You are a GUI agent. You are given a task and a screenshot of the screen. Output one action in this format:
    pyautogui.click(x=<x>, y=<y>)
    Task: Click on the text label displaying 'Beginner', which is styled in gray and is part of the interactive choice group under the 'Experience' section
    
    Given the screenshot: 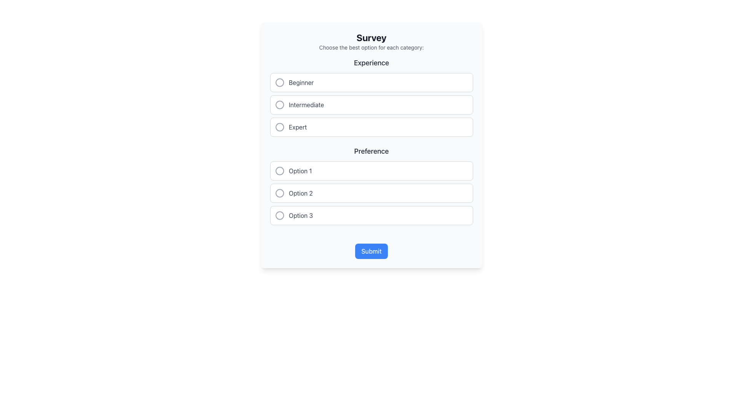 What is the action you would take?
    pyautogui.click(x=301, y=83)
    